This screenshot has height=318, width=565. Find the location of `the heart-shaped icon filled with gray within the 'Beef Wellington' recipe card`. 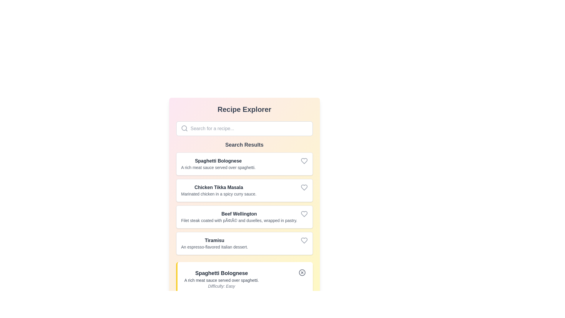

the heart-shaped icon filled with gray within the 'Beef Wellington' recipe card is located at coordinates (304, 214).